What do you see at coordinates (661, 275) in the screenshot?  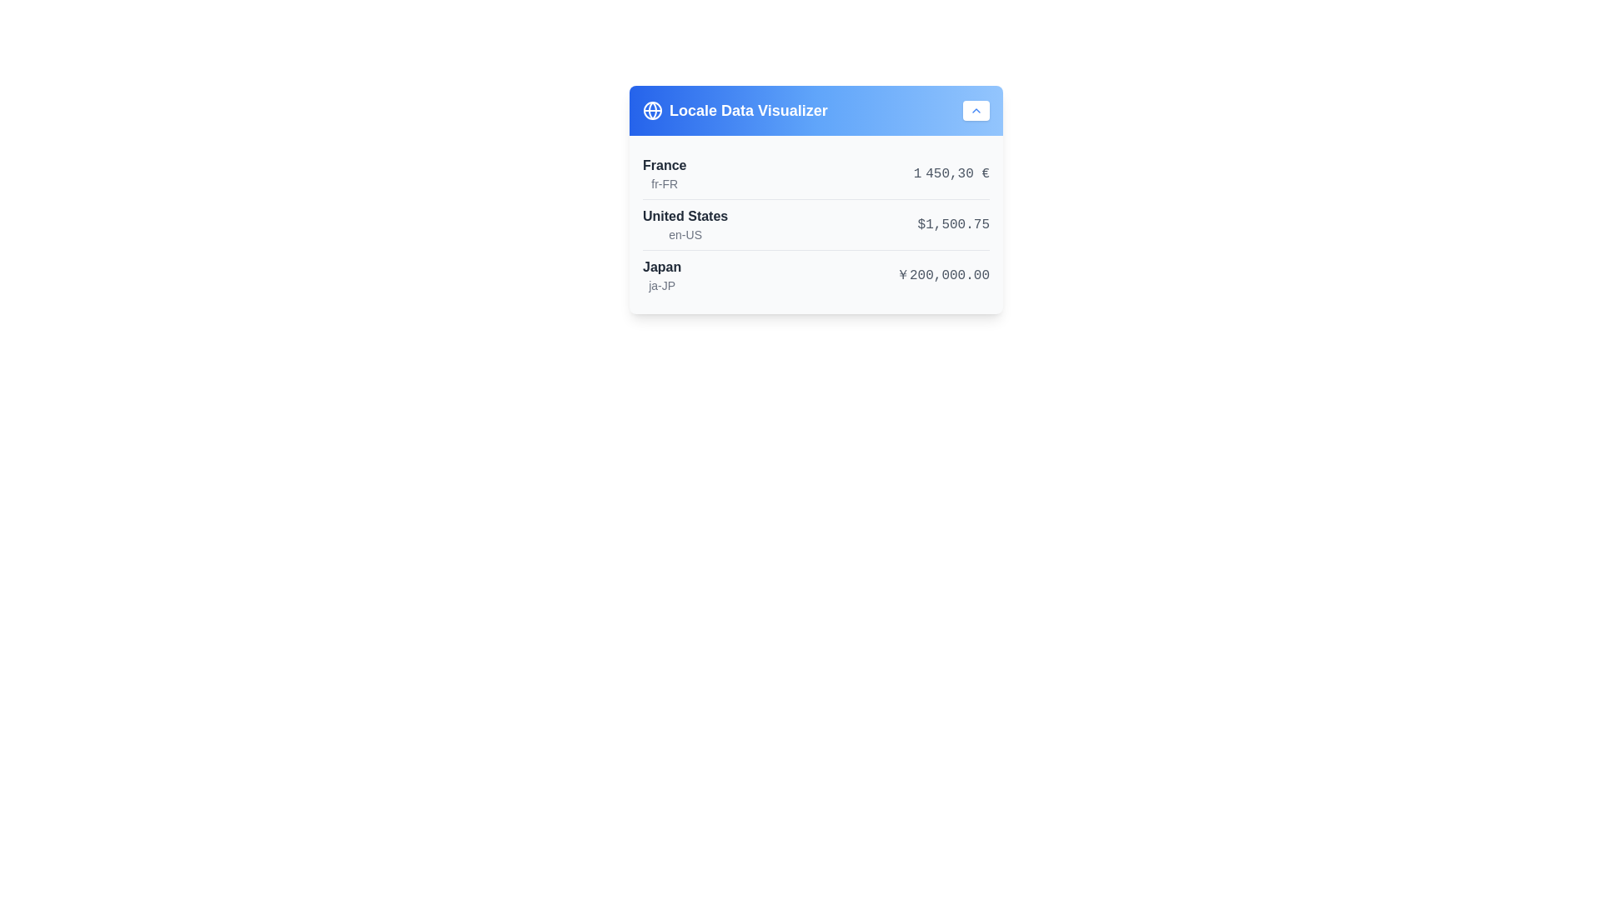 I see `text element displaying the country name 'Japan' and its locale code 'ja-JP' in the third row of the 'Locale Data Visualizer' card layout` at bounding box center [661, 275].